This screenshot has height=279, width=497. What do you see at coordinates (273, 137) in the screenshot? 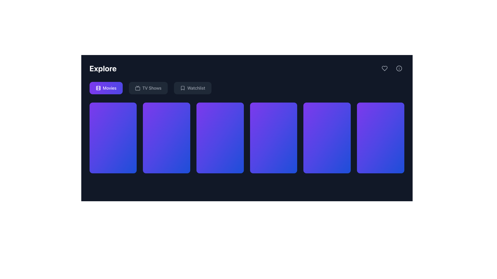
I see `the fourth media card in the horizontally aligned list` at bounding box center [273, 137].